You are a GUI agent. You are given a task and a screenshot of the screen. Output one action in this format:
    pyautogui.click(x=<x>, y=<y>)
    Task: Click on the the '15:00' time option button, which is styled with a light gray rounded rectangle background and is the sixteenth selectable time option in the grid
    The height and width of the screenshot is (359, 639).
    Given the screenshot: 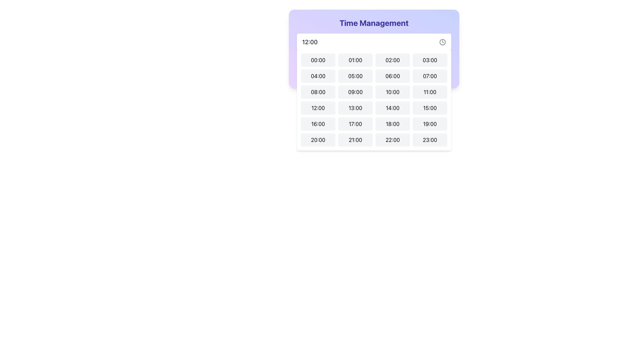 What is the action you would take?
    pyautogui.click(x=430, y=107)
    